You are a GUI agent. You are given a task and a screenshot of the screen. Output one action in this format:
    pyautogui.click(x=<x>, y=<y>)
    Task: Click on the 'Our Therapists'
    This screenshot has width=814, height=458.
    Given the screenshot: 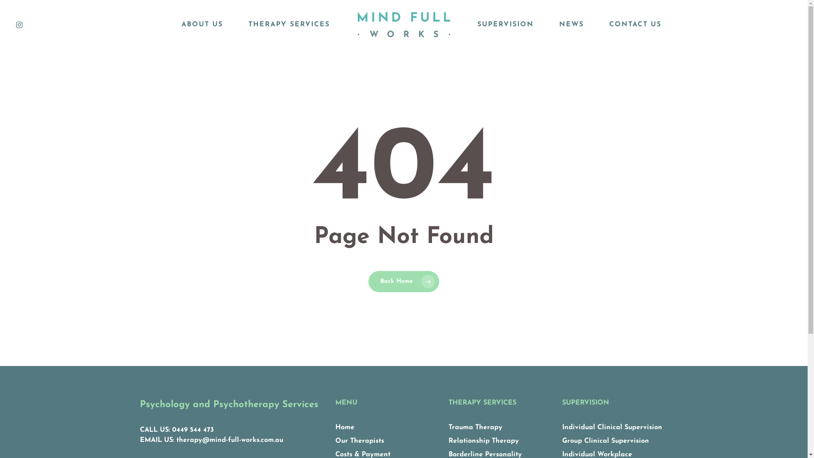 What is the action you would take?
    pyautogui.click(x=360, y=441)
    